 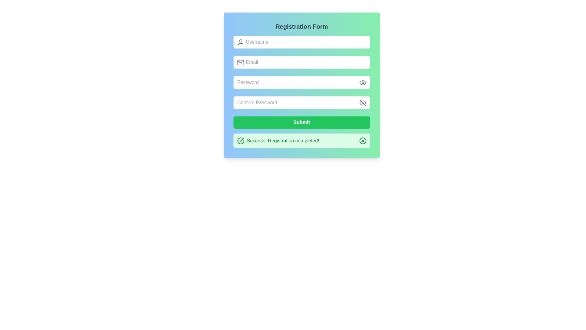 I want to click on the submission button located below the password confirmation field to trigger hover effects, so click(x=302, y=123).